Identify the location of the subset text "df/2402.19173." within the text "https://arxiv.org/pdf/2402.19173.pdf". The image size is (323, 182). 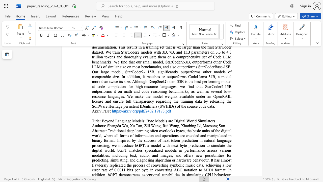
(141, 111).